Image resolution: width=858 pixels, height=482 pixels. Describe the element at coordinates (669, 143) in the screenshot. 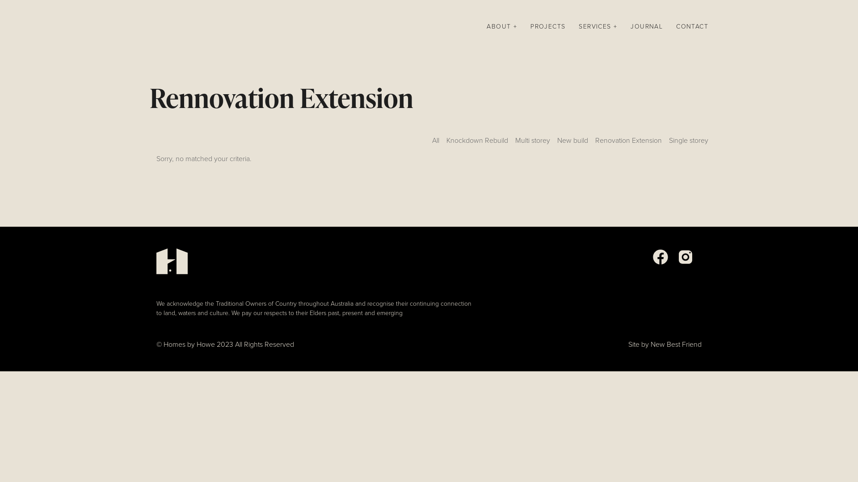

I see `'Single storey'` at that location.